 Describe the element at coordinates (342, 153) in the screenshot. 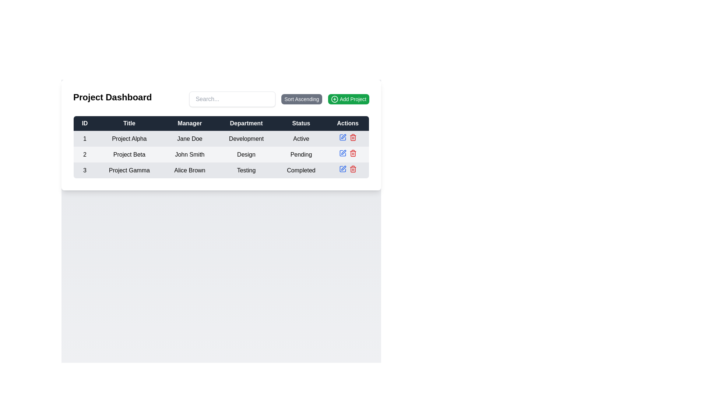

I see `the edit button in the second row of the table under the 'Actions' column` at that location.